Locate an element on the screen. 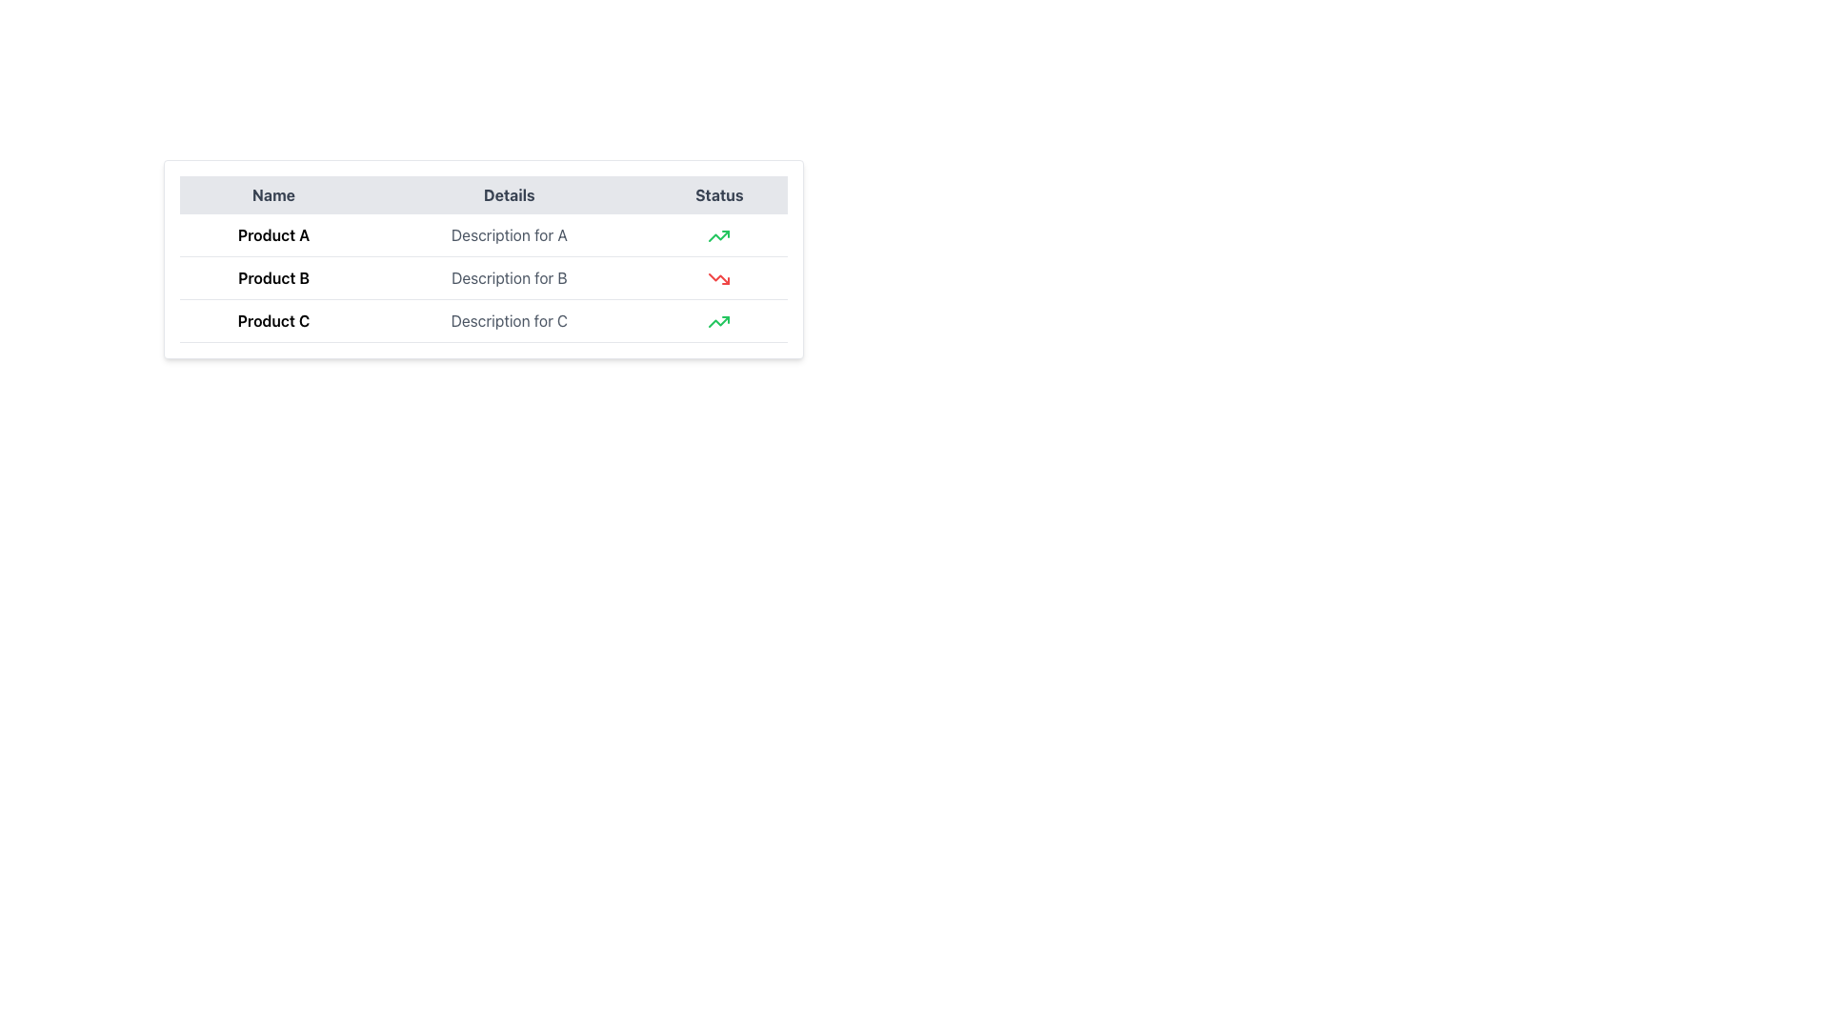 This screenshot has height=1029, width=1829. the text label that identifies 'Product A' in the 'Name' column of the table is located at coordinates (272, 234).